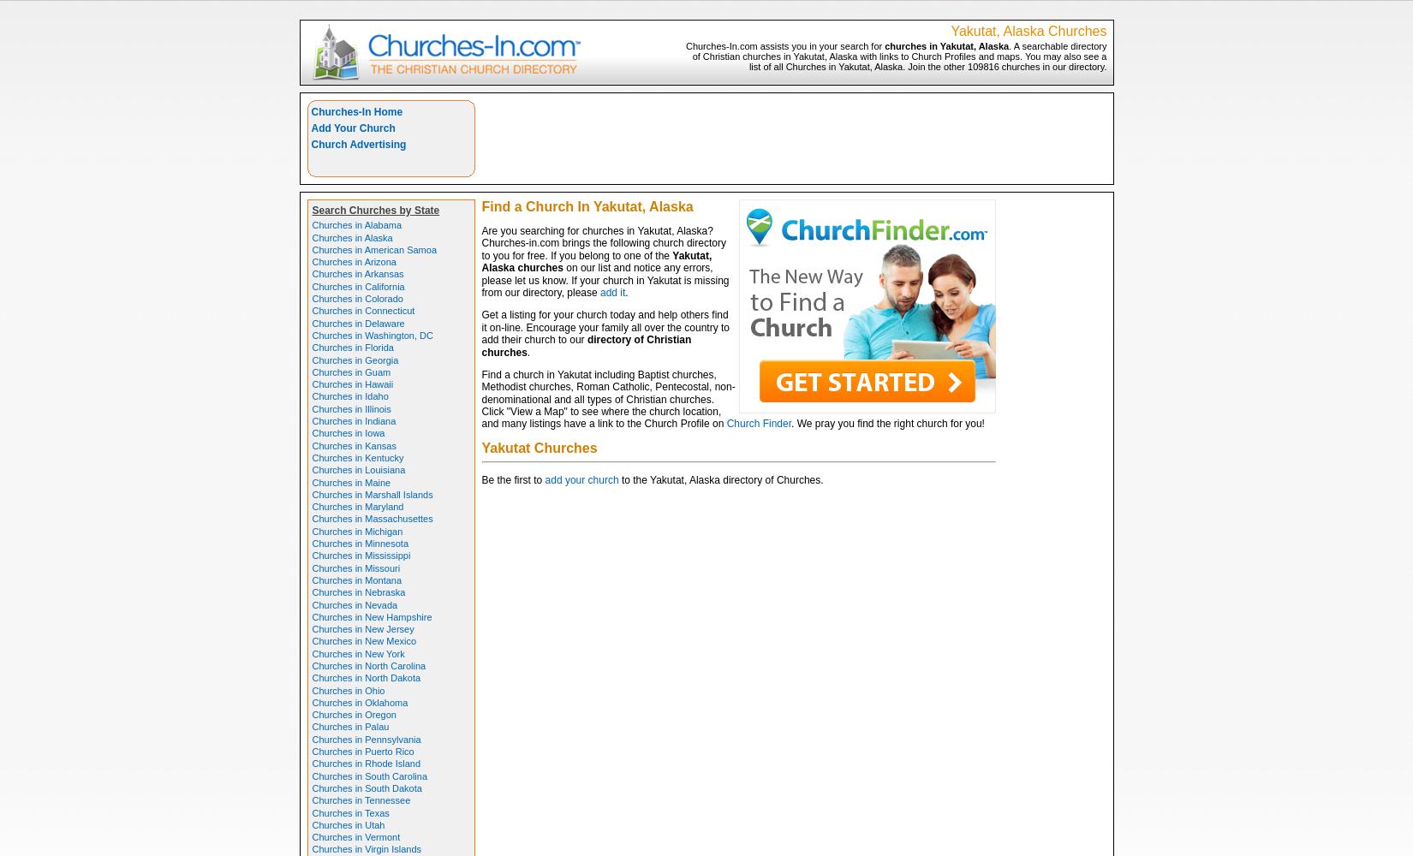  What do you see at coordinates (351, 372) in the screenshot?
I see `'Churches in Guam'` at bounding box center [351, 372].